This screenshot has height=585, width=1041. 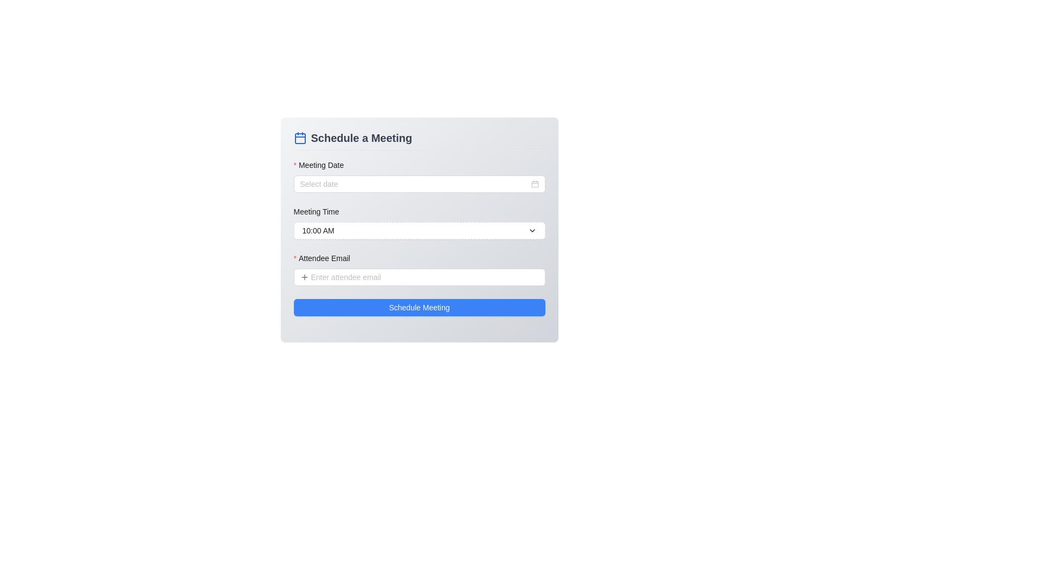 I want to click on the text input field for attendee's email address, which is the third input field, so click(x=419, y=269).